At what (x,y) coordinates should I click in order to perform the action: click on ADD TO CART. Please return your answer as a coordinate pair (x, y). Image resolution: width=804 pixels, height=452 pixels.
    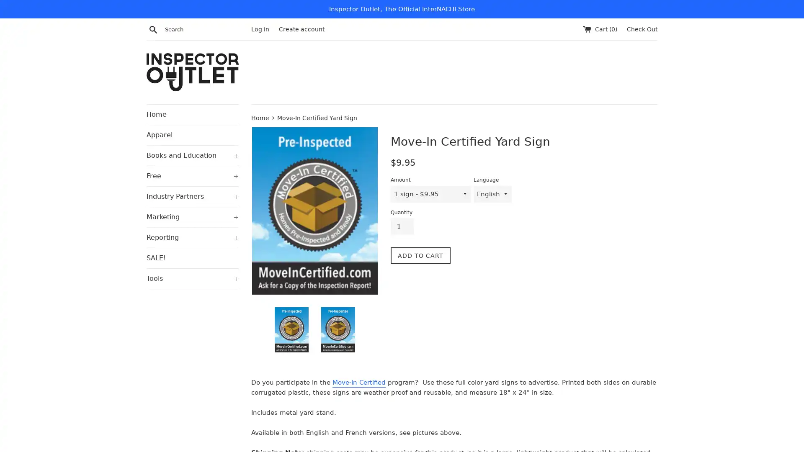
    Looking at the image, I should click on (420, 255).